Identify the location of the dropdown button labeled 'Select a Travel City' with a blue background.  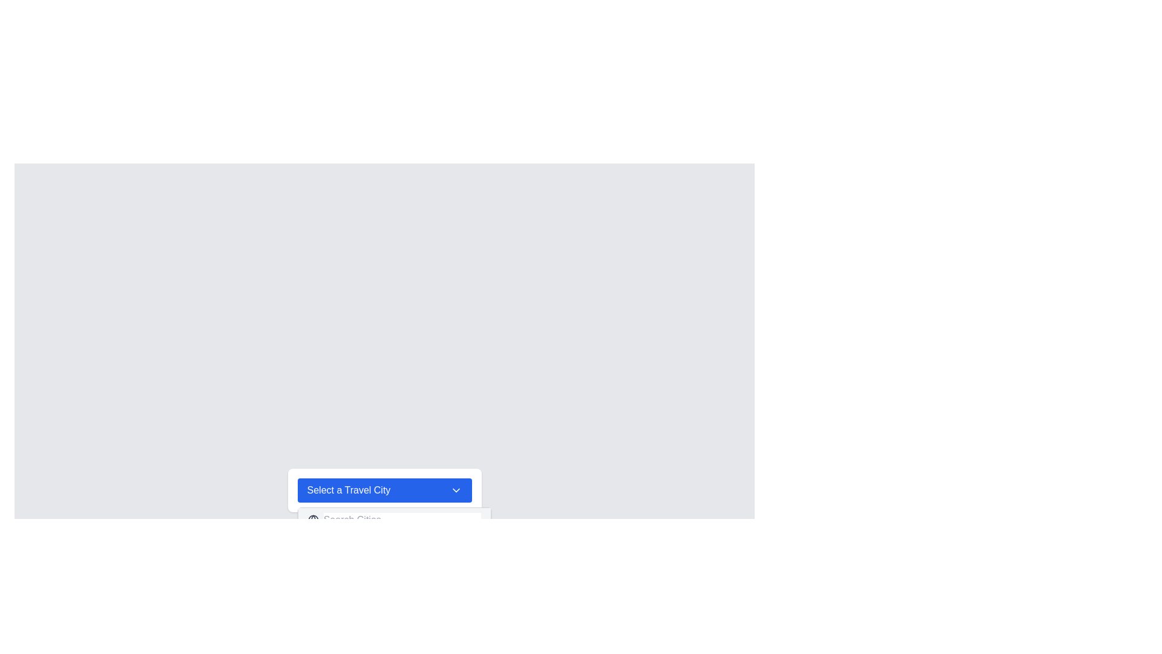
(384, 490).